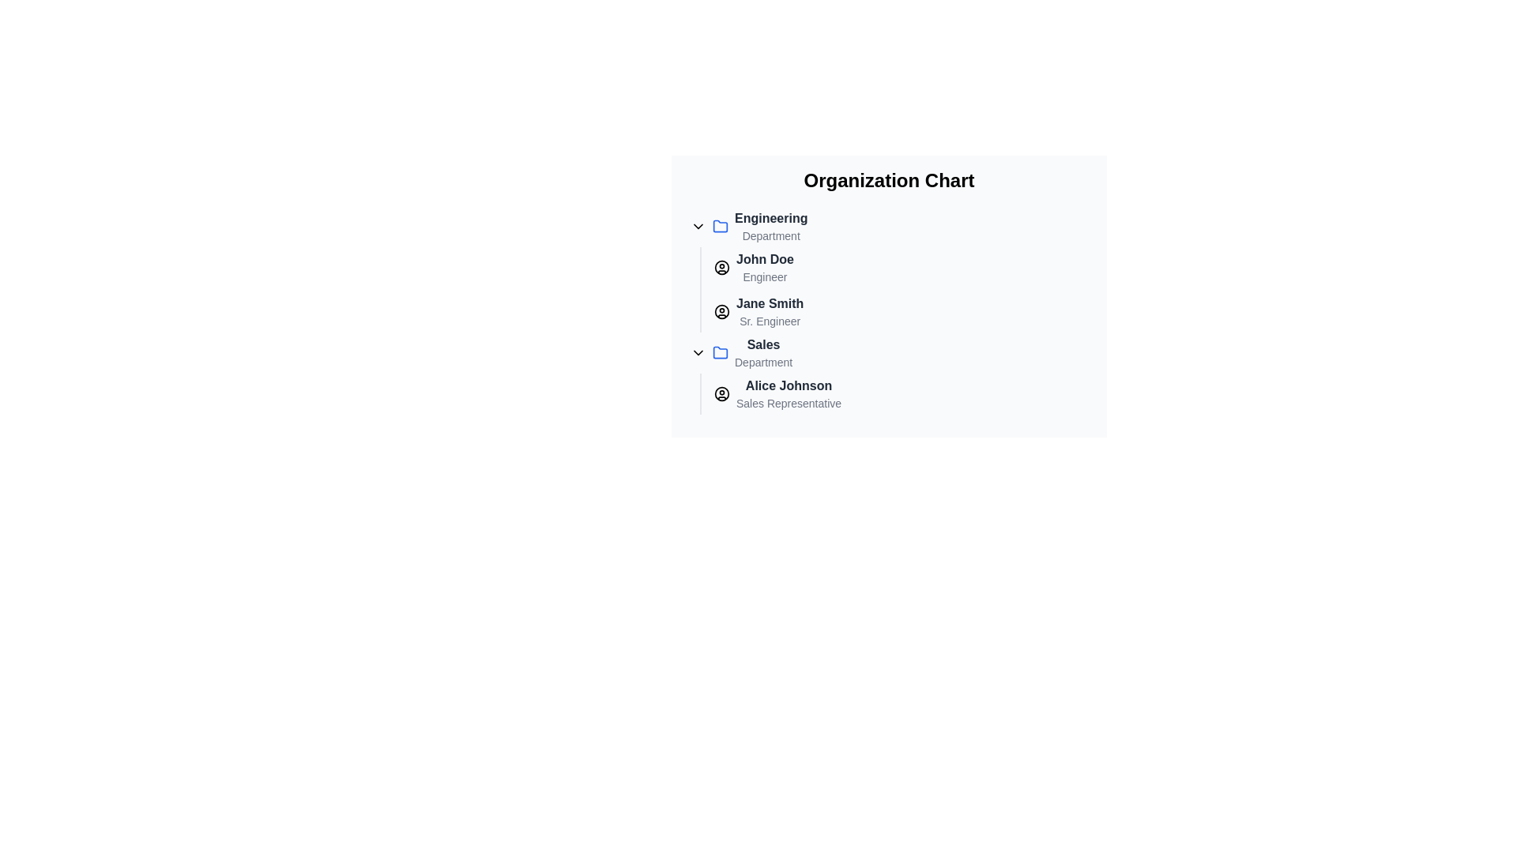 This screenshot has width=1517, height=853. What do you see at coordinates (721, 393) in the screenshot?
I see `the circular user icon representing 'Alice Johnson' in the Sales section of the organizational chart` at bounding box center [721, 393].